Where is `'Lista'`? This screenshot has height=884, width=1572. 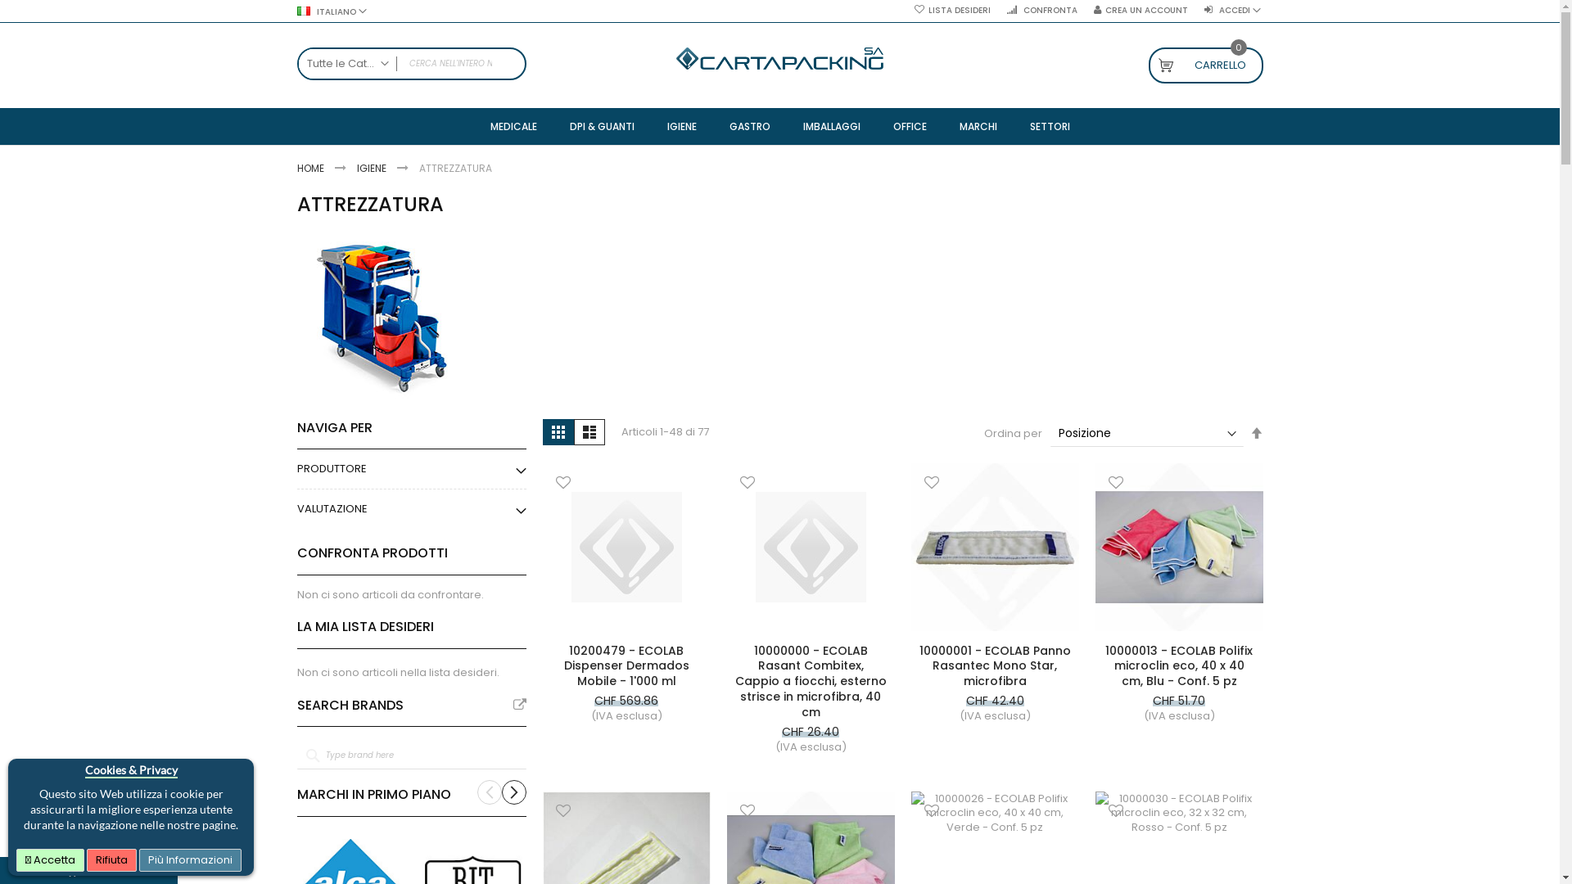
'Lista' is located at coordinates (589, 431).